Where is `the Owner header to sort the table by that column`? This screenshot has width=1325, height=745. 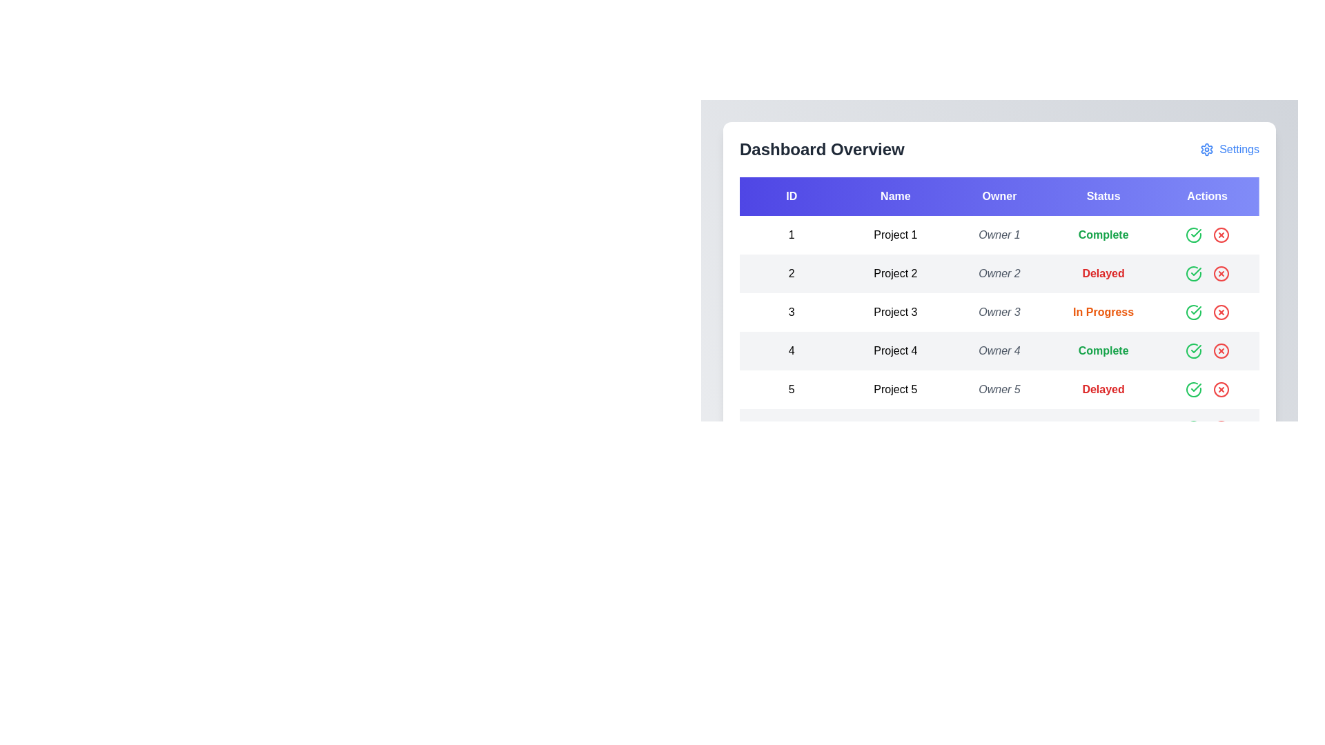 the Owner header to sort the table by that column is located at coordinates (999, 197).